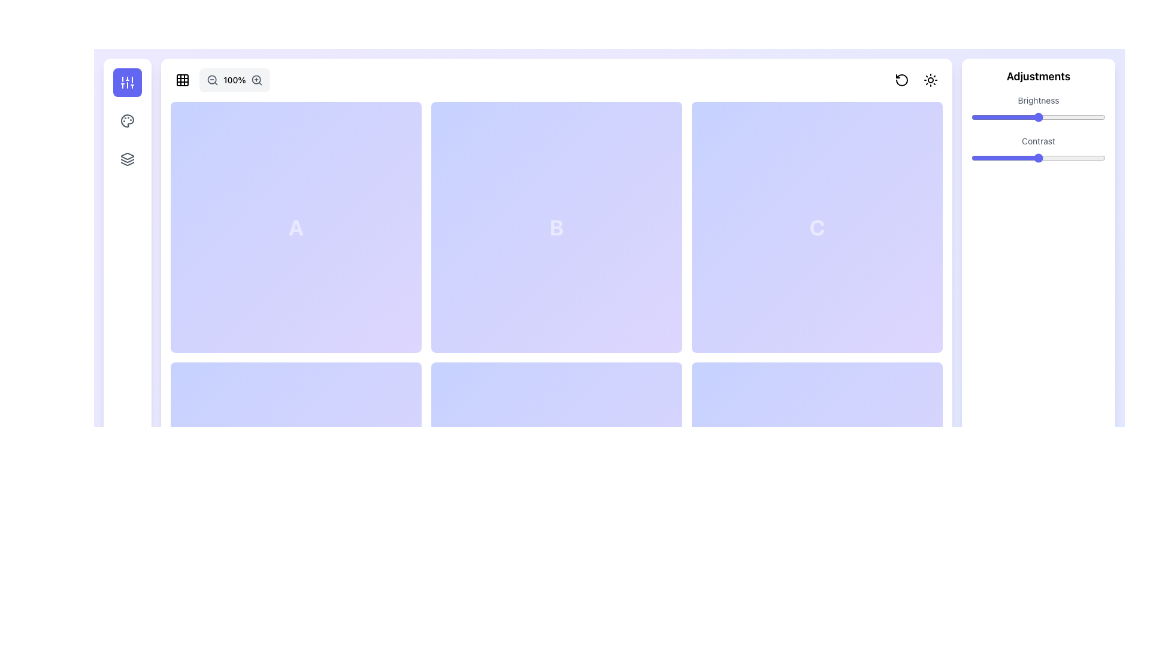 This screenshot has height=647, width=1150. Describe the element at coordinates (127, 120) in the screenshot. I see `the second button in the vertical series of three buttons located in the sidebar on the left-hand side of the interface, which features a gray color and an icon representing a palette, to change its background color` at that location.